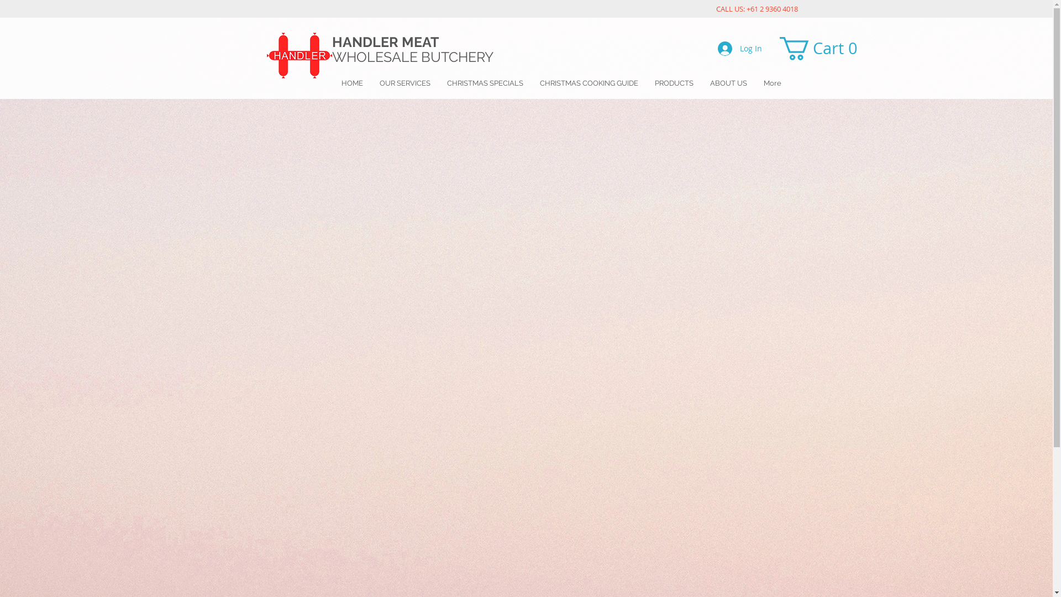 This screenshot has height=597, width=1061. I want to click on 'PRODUCTS', so click(673, 82).